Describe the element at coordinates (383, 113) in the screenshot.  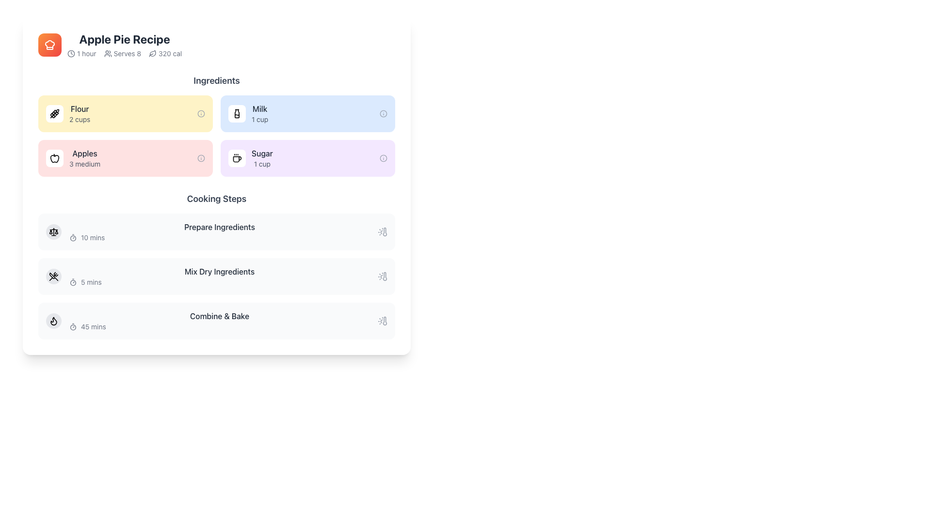
I see `the gray outlined 'info' icon located at the far right end of the blue card labeled 'Milk 1 cup.'` at that location.